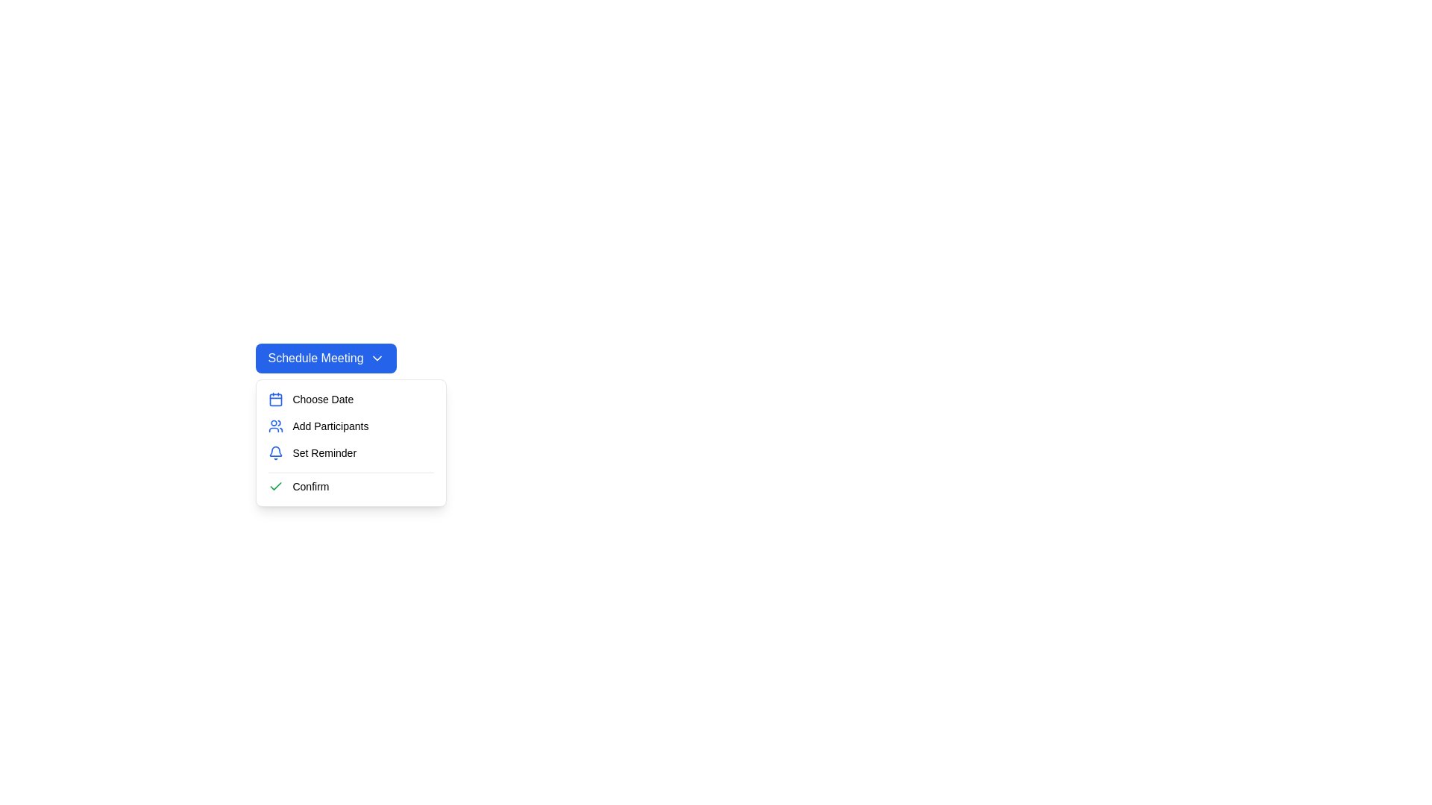  I want to click on the 'Choose Date' menu item, which features a calendar icon on the left, so click(351, 399).